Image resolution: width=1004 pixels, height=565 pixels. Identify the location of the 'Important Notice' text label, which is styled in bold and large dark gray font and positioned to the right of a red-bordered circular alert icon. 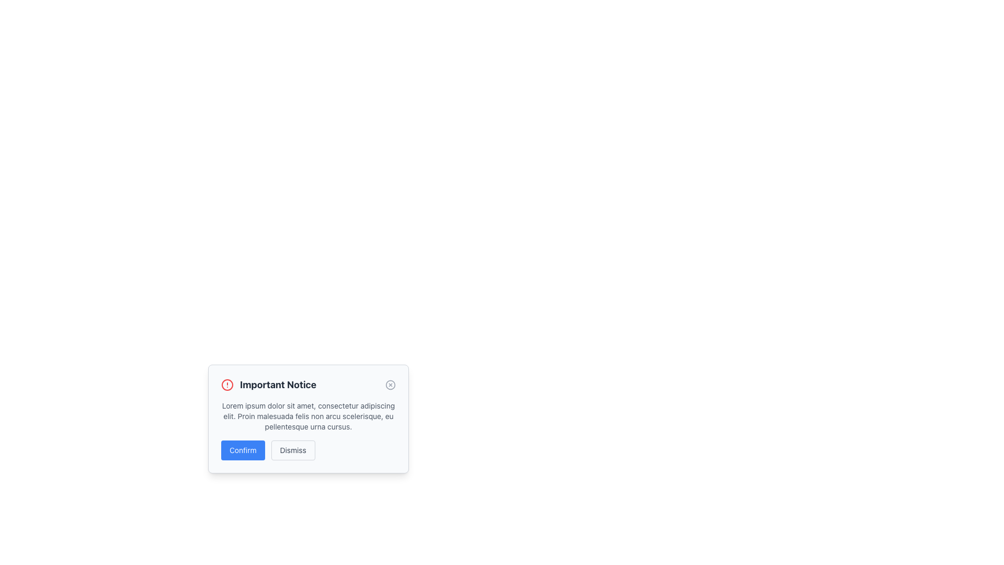
(278, 385).